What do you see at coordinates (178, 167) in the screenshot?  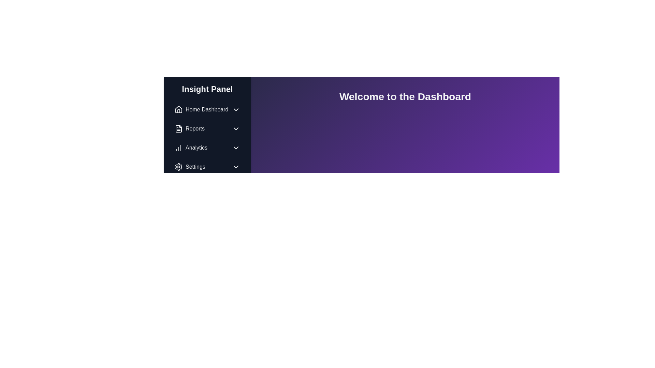 I see `the gear icon representing settings, which is located in the sidebar to the left of the 'Settings' label` at bounding box center [178, 167].